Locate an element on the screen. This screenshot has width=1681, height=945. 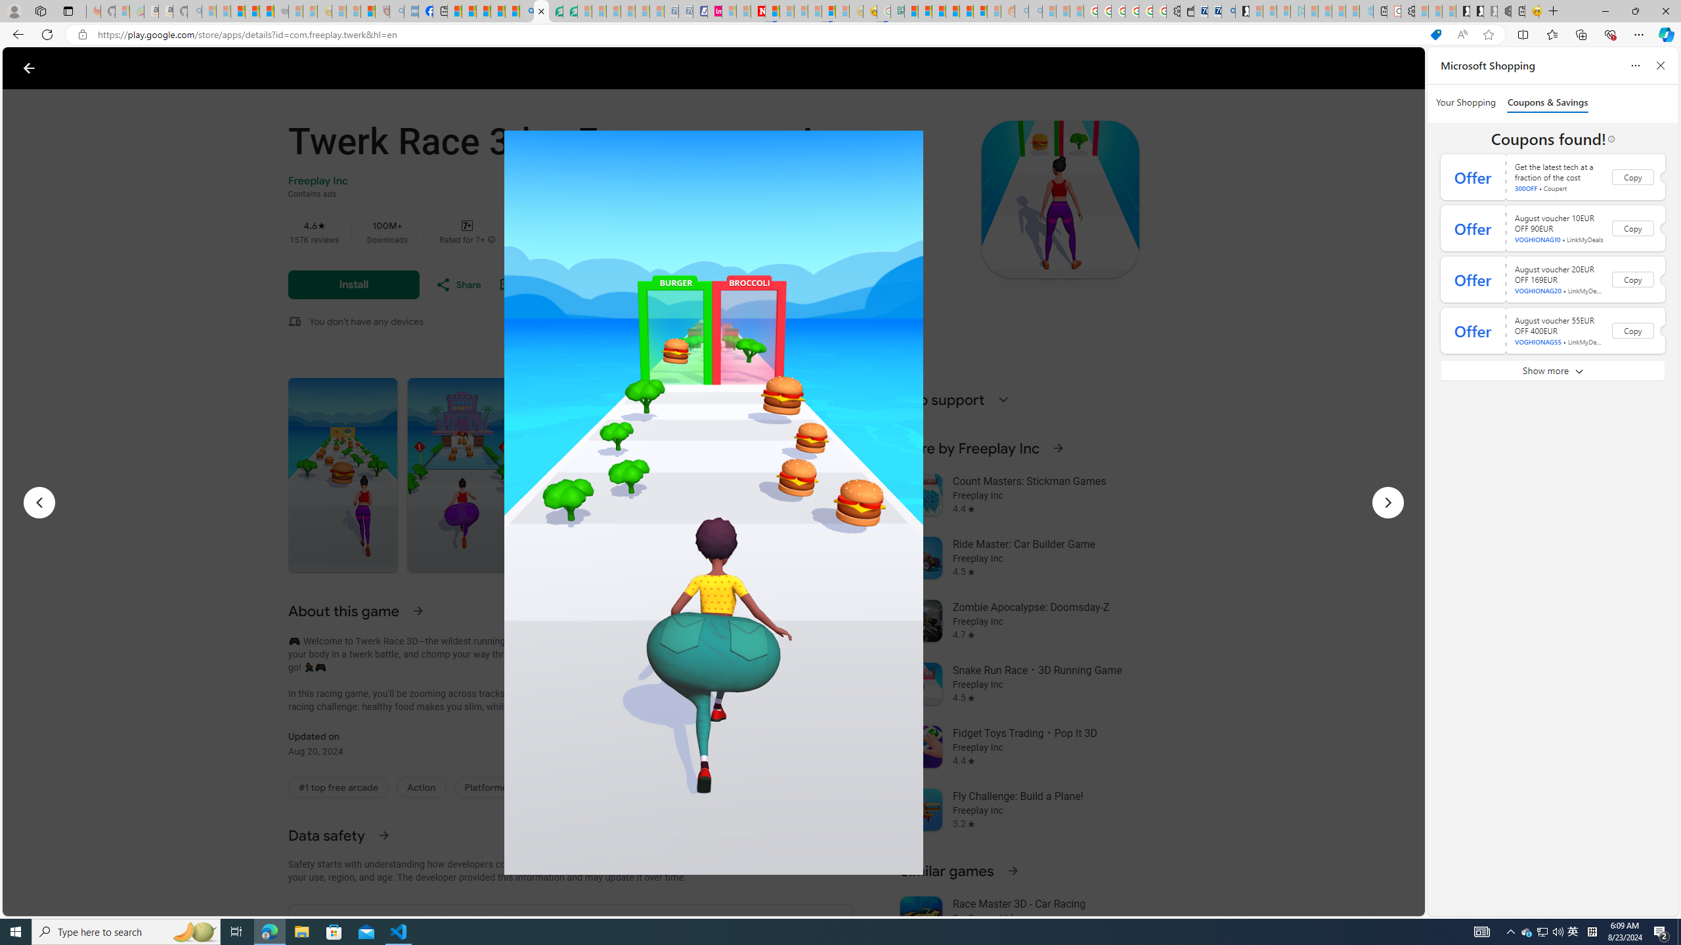
'You don' is located at coordinates (366, 322).